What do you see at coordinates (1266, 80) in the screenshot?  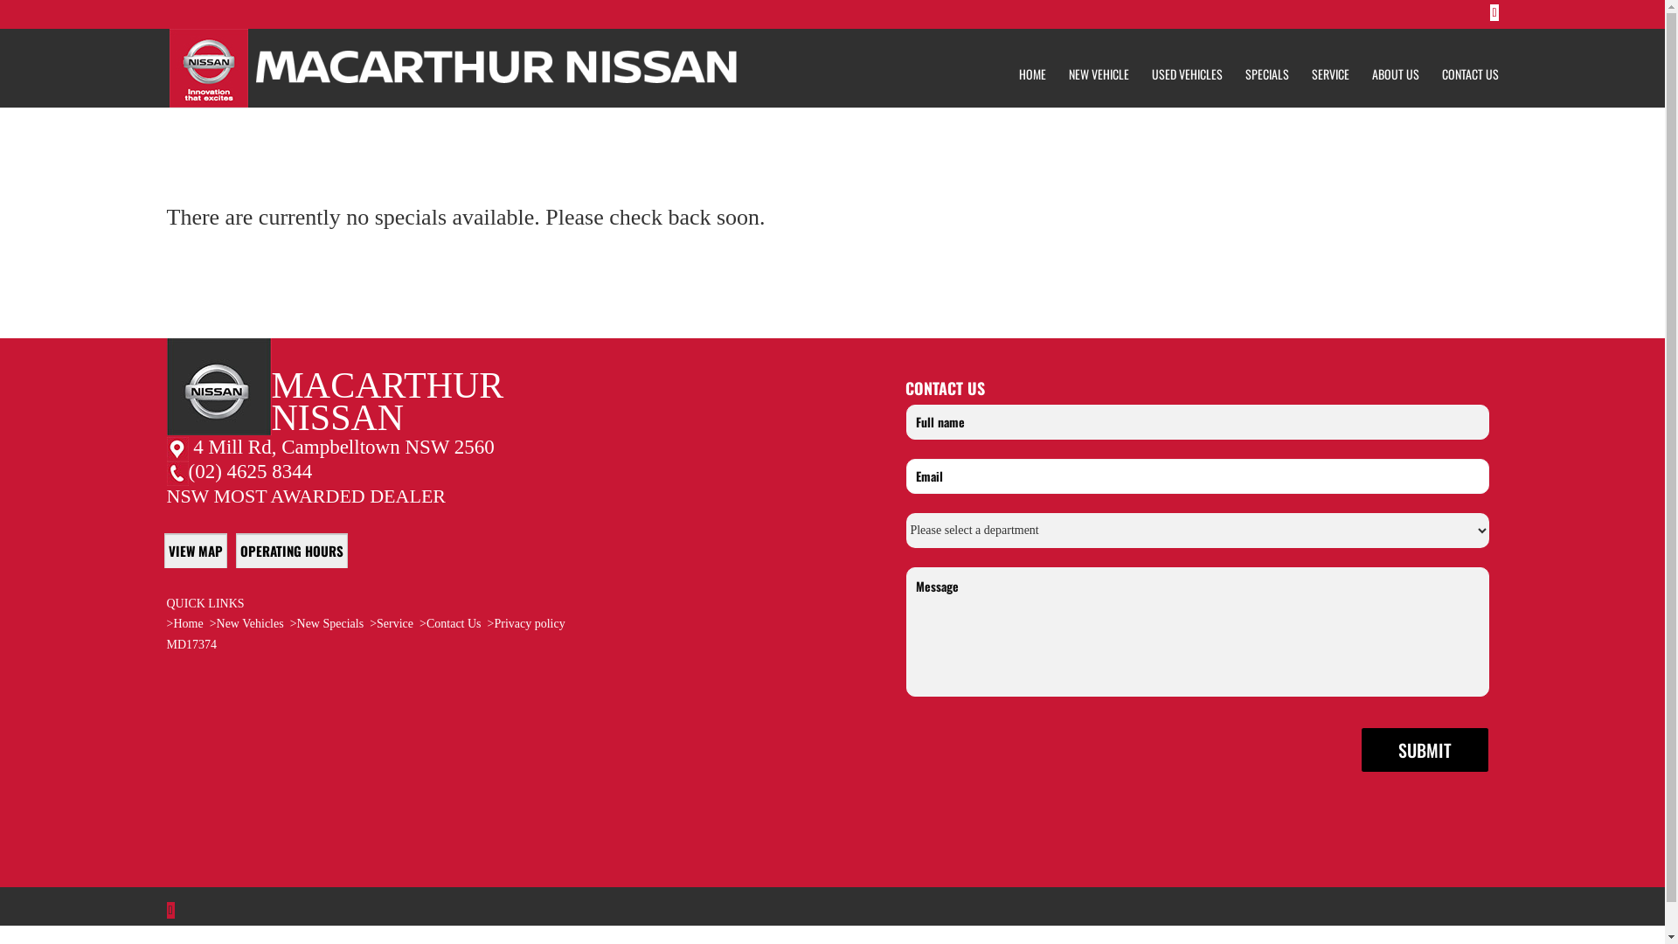 I see `'SPECIALS'` at bounding box center [1266, 80].